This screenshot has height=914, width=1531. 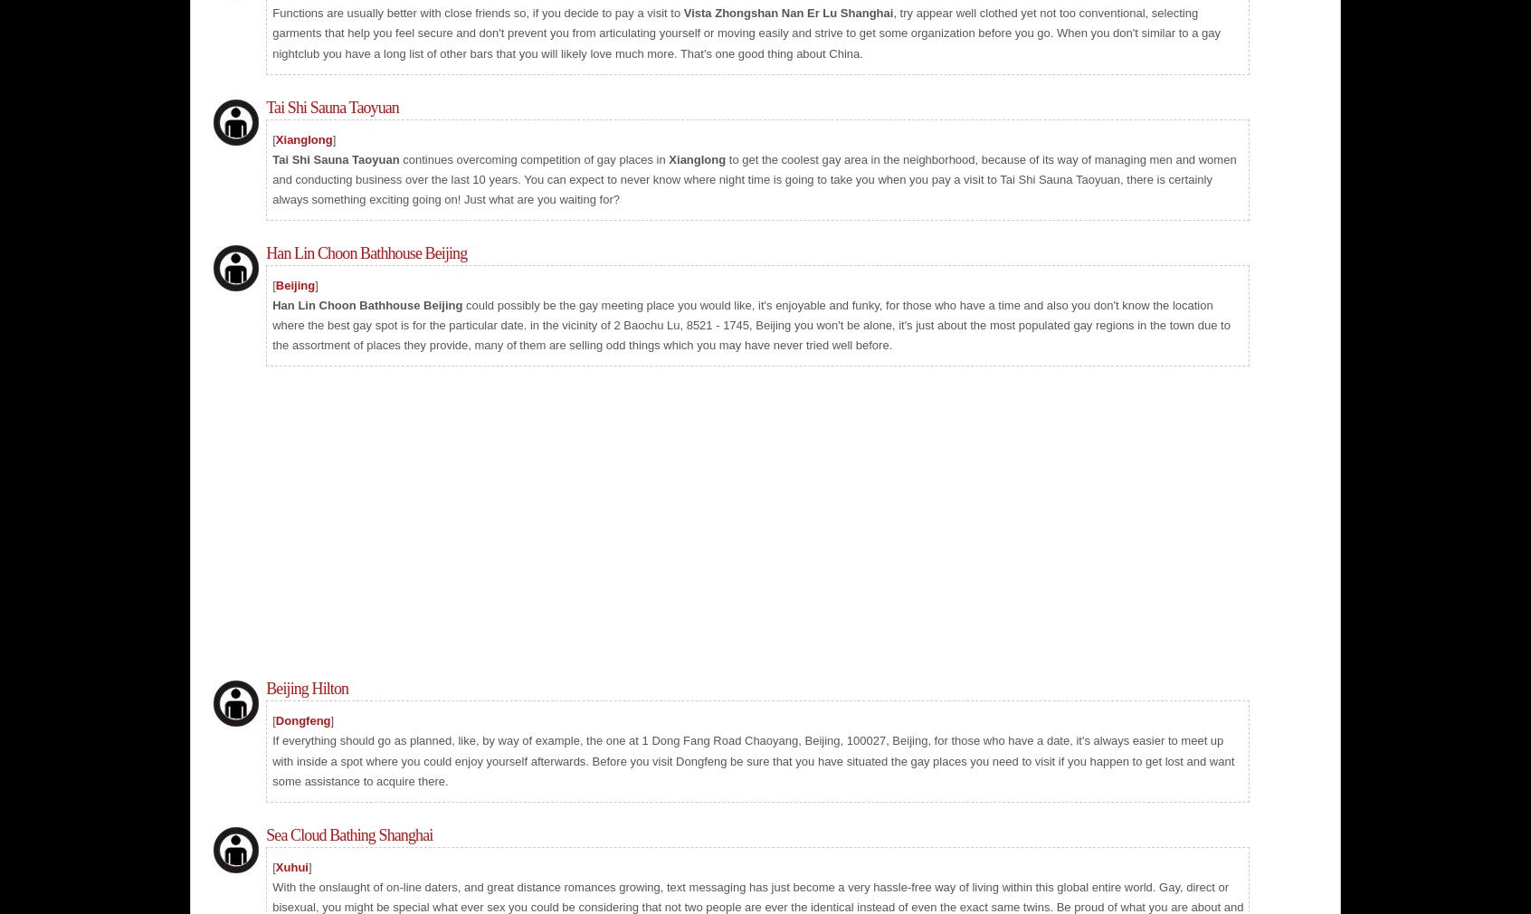 I want to click on 'to get the coolest gay area in the neighborhood, because of its way of managing men and women and conducting business over the last 10 years. You can expect to never know where night time is going to take you when you pay a visit to Tai Shi Sauna Taoyuan, there is certainly always something exciting going on! Just what are you waiting for?', so click(x=754, y=177).